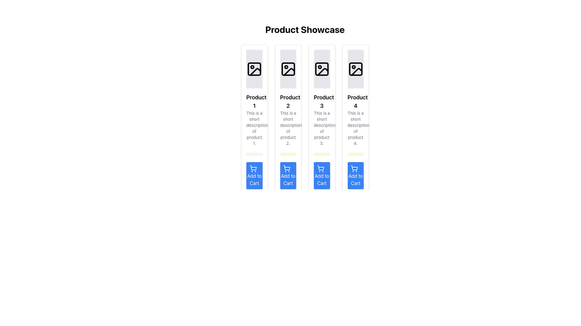 This screenshot has height=326, width=581. What do you see at coordinates (356, 69) in the screenshot?
I see `the outlined SVG icon representing an image for 'Product 4', located at the top of its card in the product showcase grid` at bounding box center [356, 69].